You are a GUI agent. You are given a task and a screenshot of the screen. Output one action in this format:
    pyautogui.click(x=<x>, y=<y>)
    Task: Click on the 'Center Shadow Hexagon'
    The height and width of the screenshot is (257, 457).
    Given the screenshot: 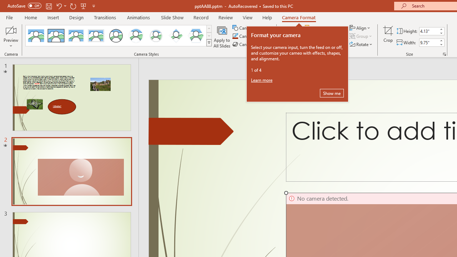 What is the action you would take?
    pyautogui.click(x=196, y=36)
    